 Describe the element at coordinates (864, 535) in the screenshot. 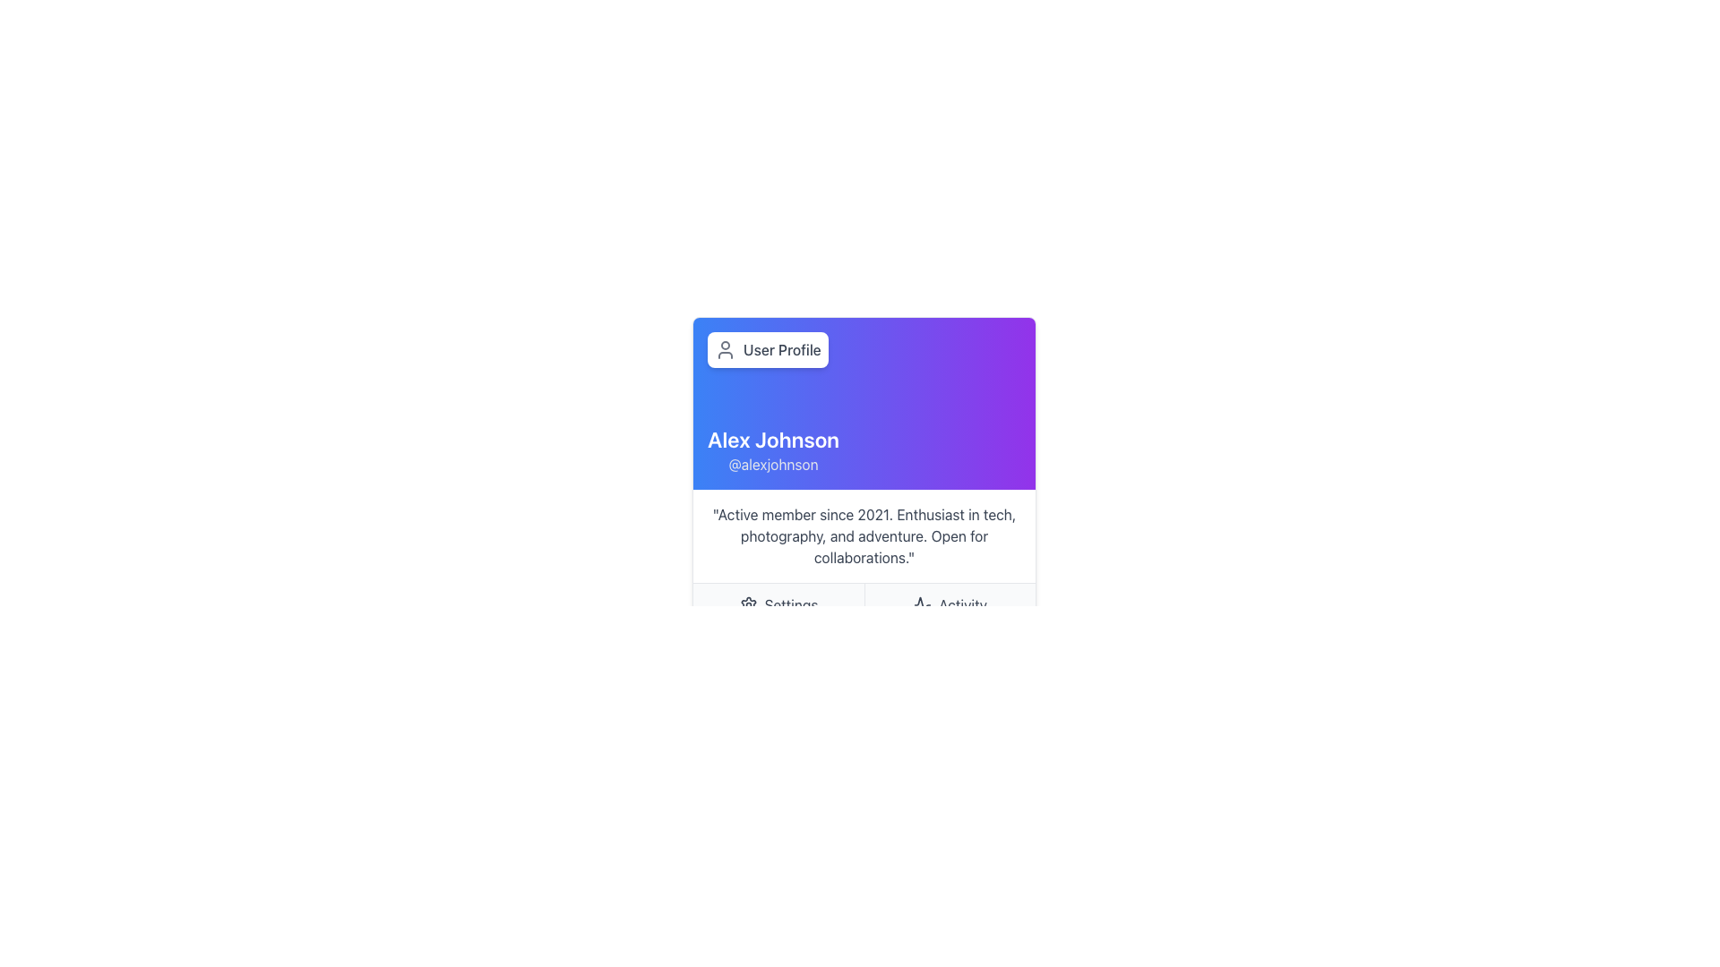

I see `the static text field displaying the user's profile details, which includes information about their membership and interests, located below the user's name in the profile card` at that location.